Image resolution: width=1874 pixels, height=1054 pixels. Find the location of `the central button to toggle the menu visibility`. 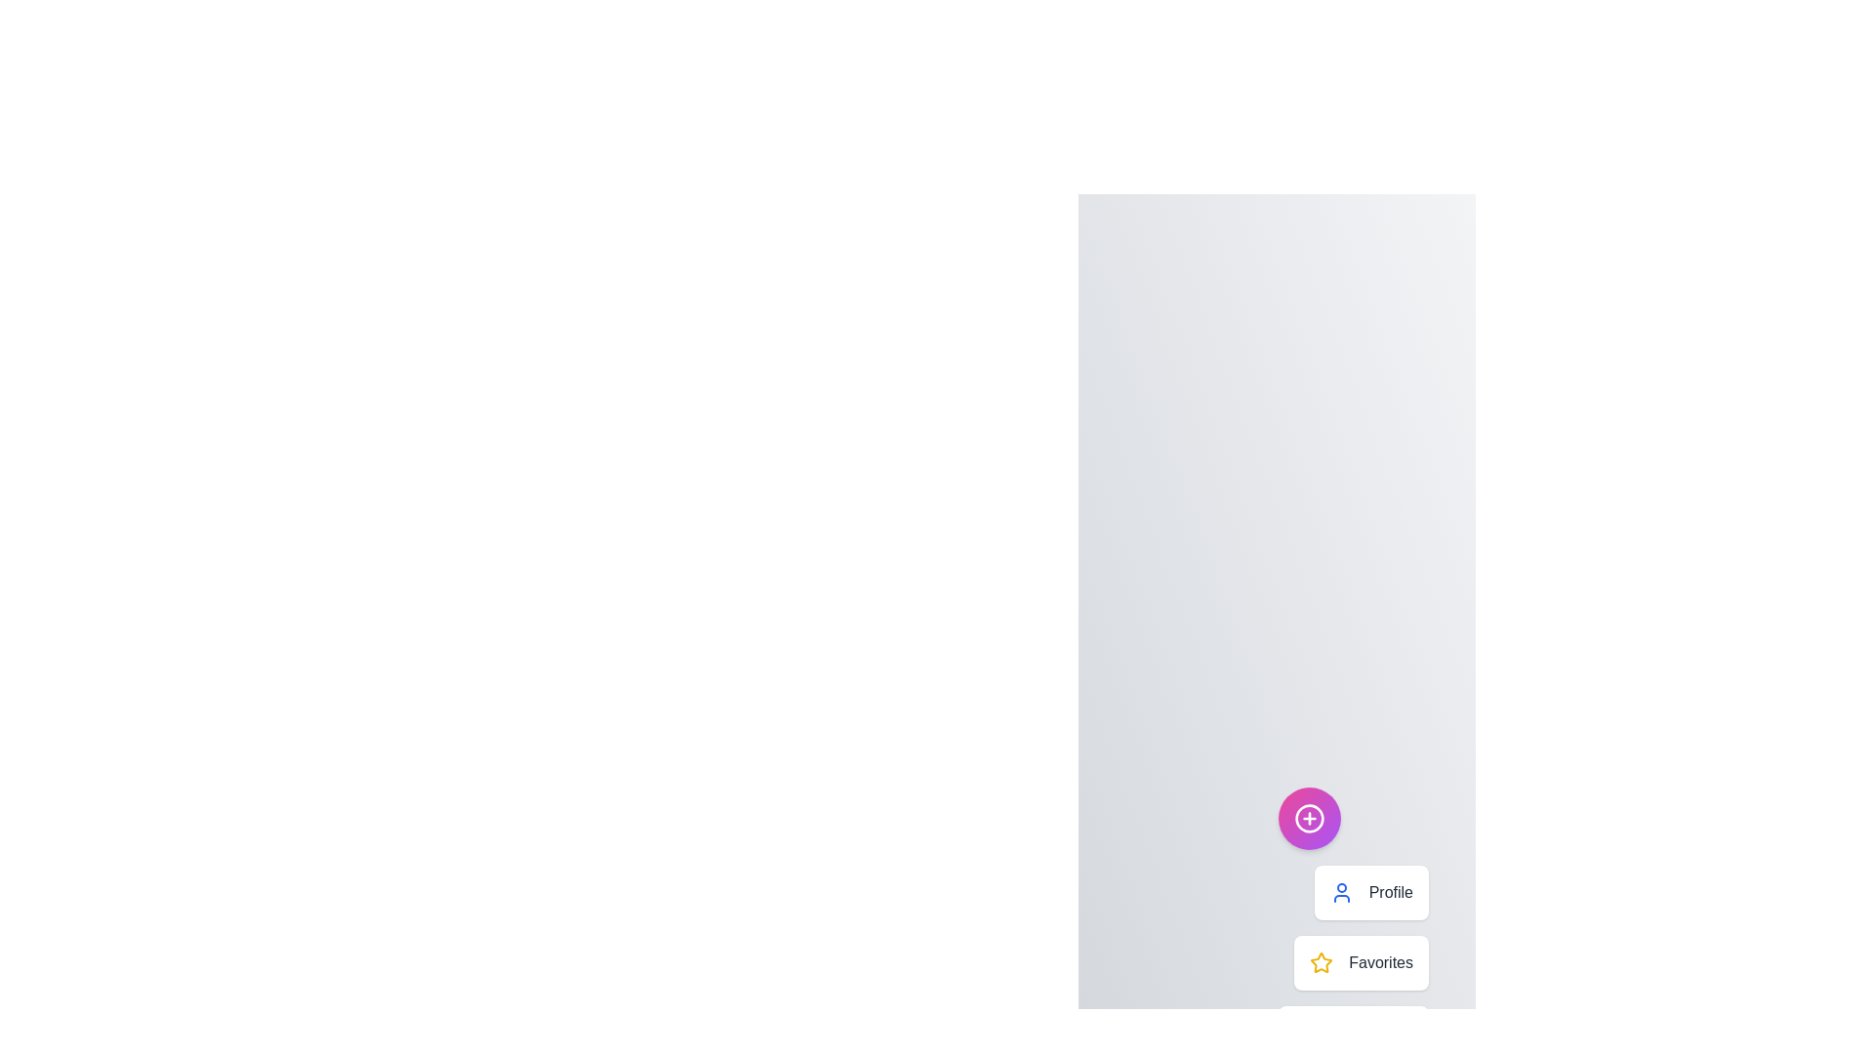

the central button to toggle the menu visibility is located at coordinates (1310, 819).